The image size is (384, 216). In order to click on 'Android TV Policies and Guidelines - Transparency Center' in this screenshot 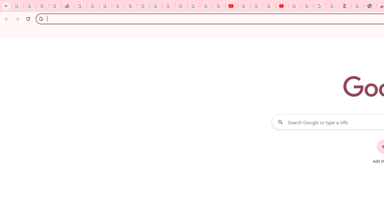, I will do `click(156, 6)`.